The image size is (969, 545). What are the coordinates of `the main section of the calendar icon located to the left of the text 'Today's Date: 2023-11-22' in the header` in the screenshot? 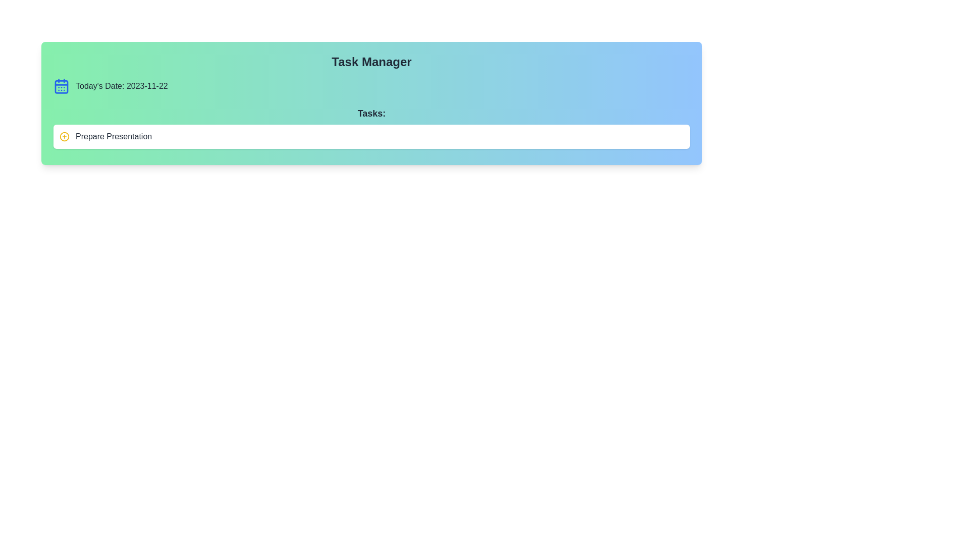 It's located at (61, 86).